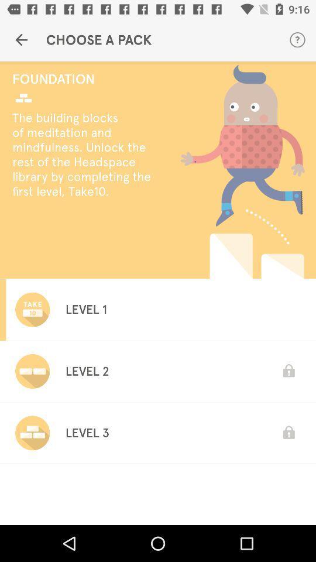 The width and height of the screenshot is (316, 562). What do you see at coordinates (297, 40) in the screenshot?
I see `the icon at the top right corner` at bounding box center [297, 40].